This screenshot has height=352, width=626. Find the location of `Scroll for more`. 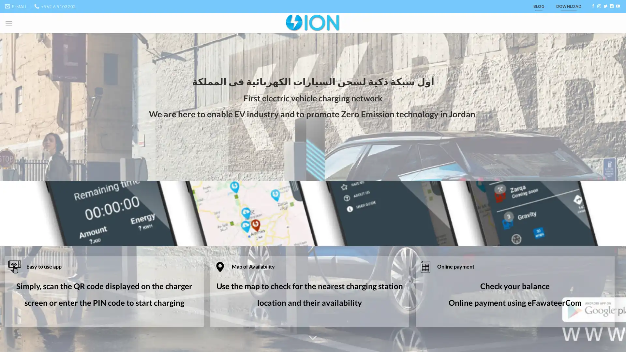

Scroll for more is located at coordinates (312, 338).